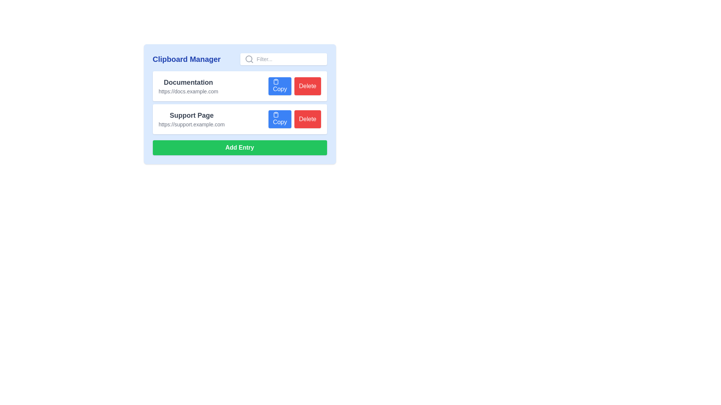  What do you see at coordinates (192, 118) in the screenshot?
I see `the 'Support Page' text display group, which consists of a bold title and a lighter subtitle with a URL, located centrally` at bounding box center [192, 118].